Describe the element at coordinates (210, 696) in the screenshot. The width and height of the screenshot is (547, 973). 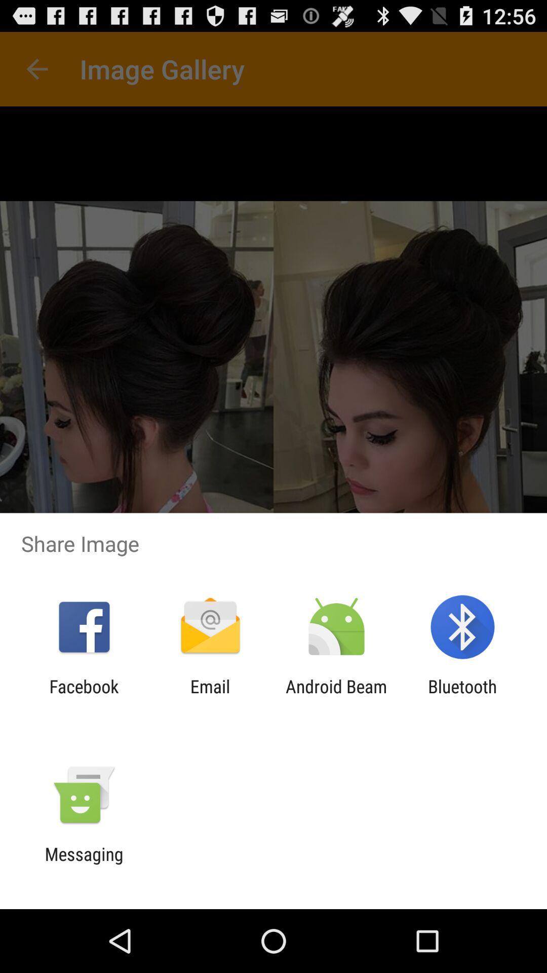
I see `icon to the right of the facebook icon` at that location.